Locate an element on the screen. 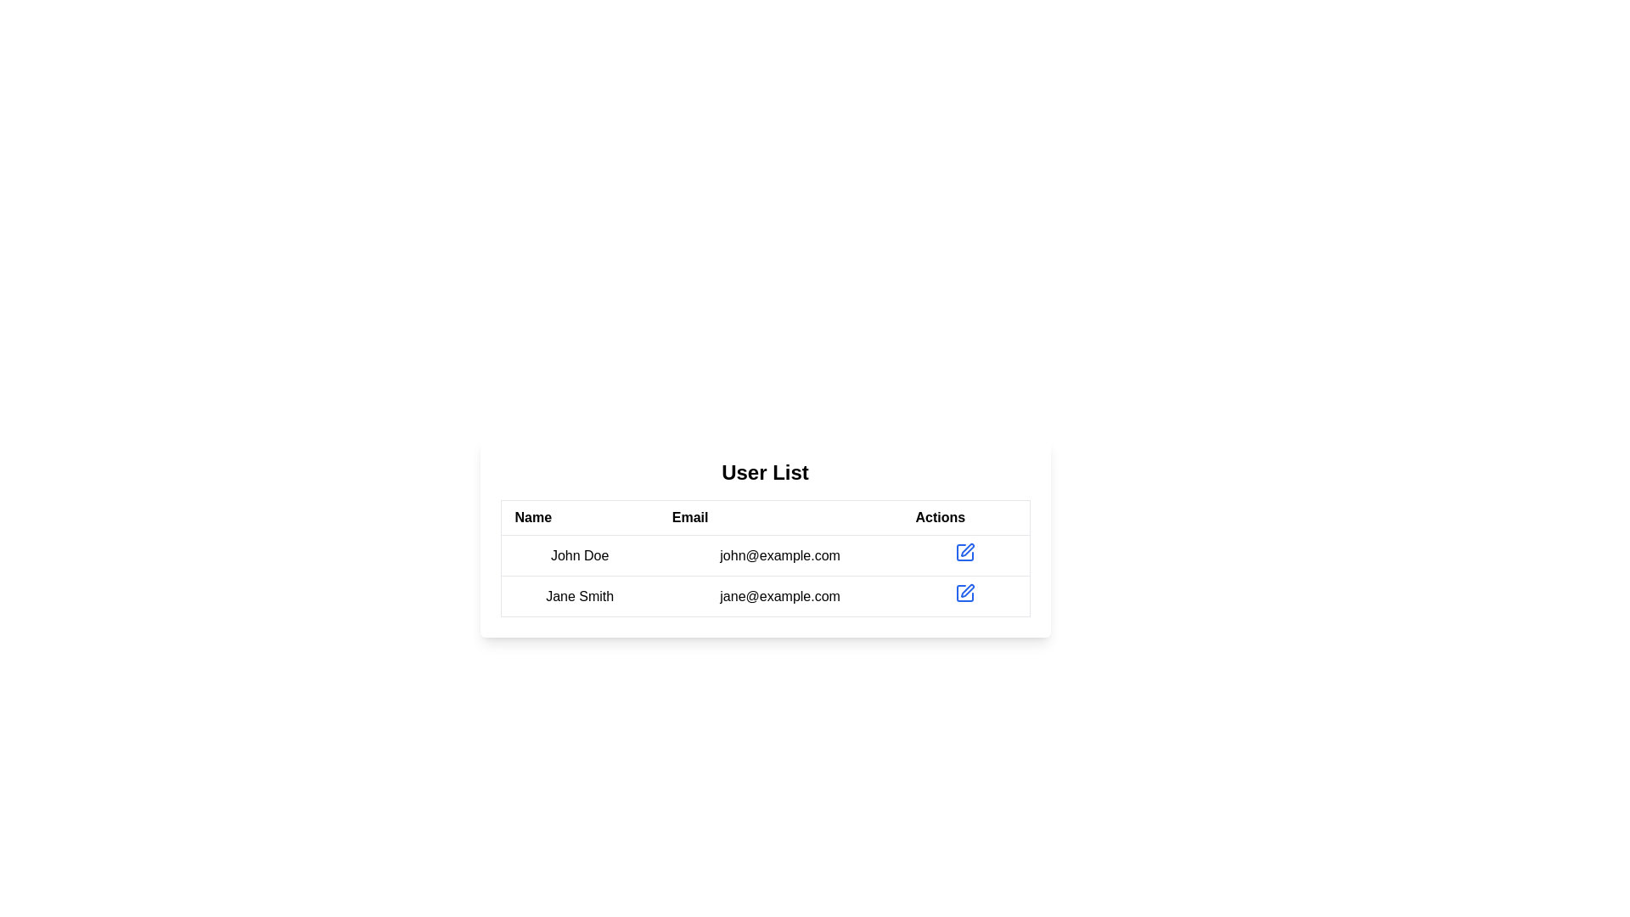 Image resolution: width=1630 pixels, height=917 pixels. the text label displaying the user's name in the user list table, located in the second row, first column, adjacent to 'jane@example.com' is located at coordinates (579, 595).